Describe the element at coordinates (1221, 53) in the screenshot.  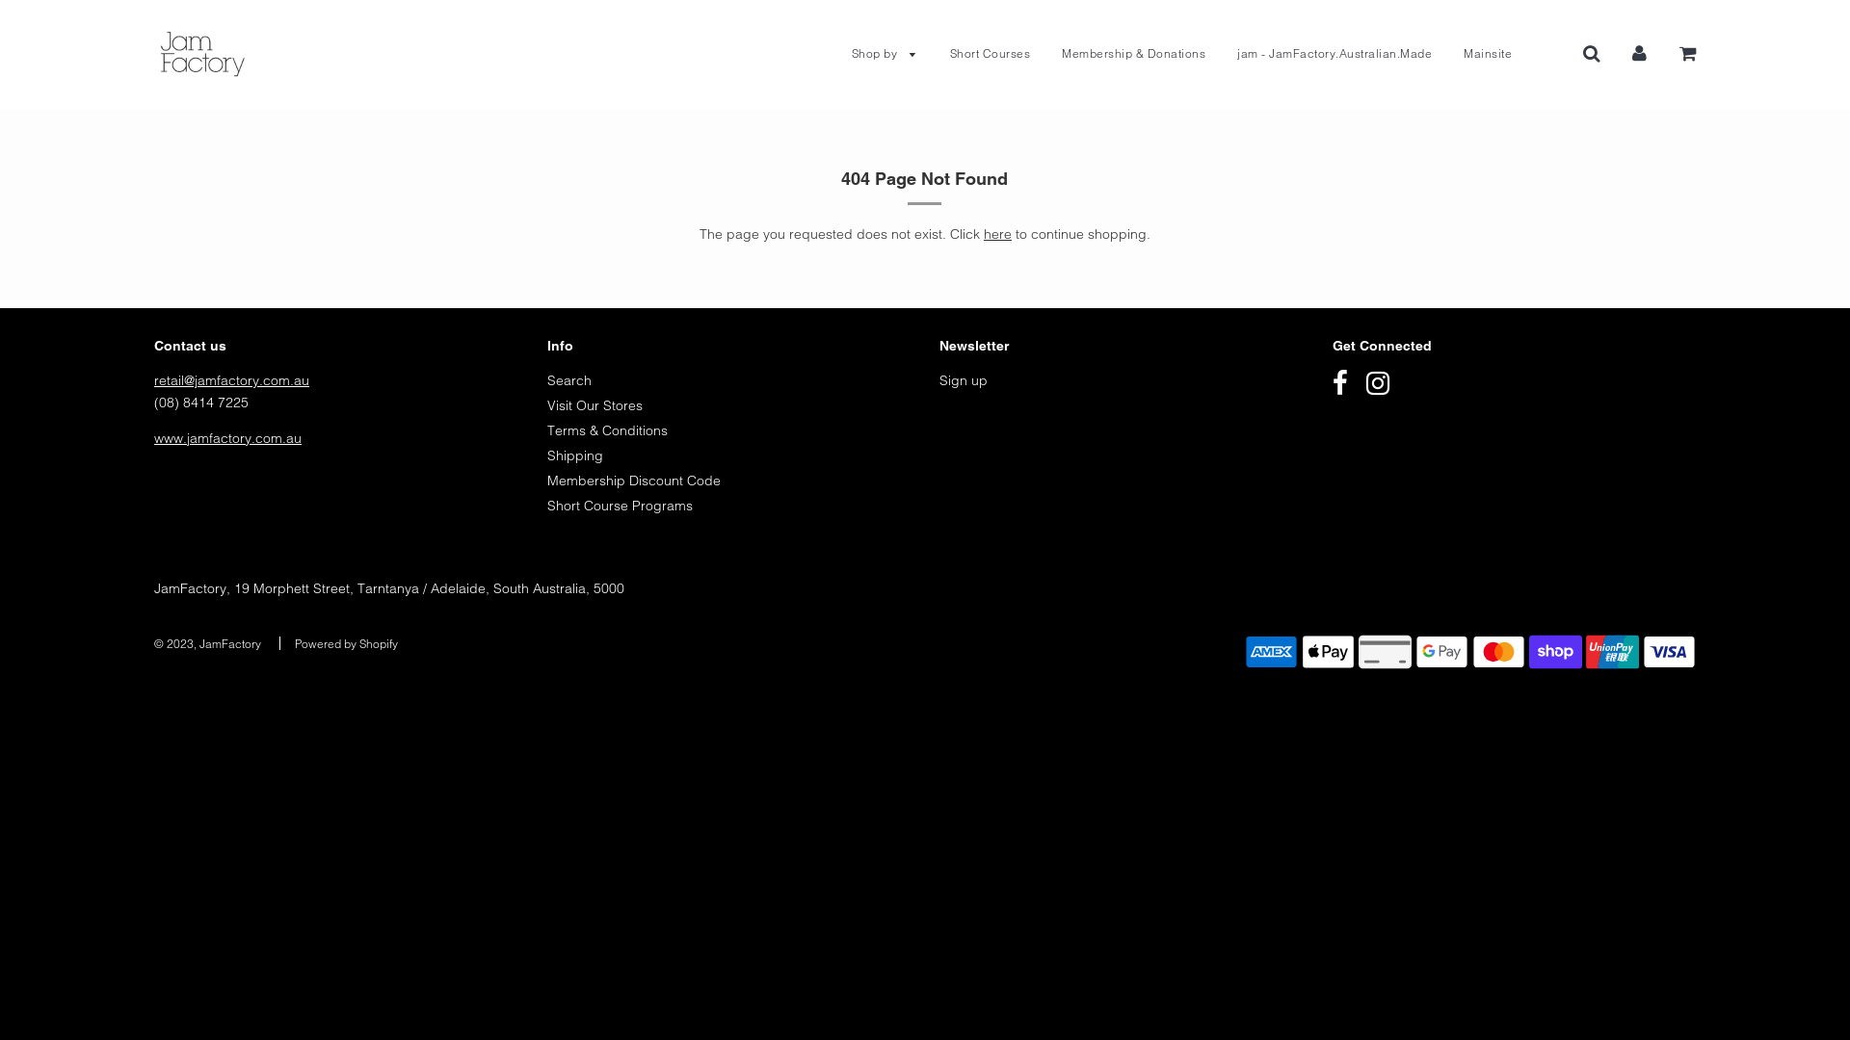
I see `'jam - JamFactory.Australian.Made'` at that location.